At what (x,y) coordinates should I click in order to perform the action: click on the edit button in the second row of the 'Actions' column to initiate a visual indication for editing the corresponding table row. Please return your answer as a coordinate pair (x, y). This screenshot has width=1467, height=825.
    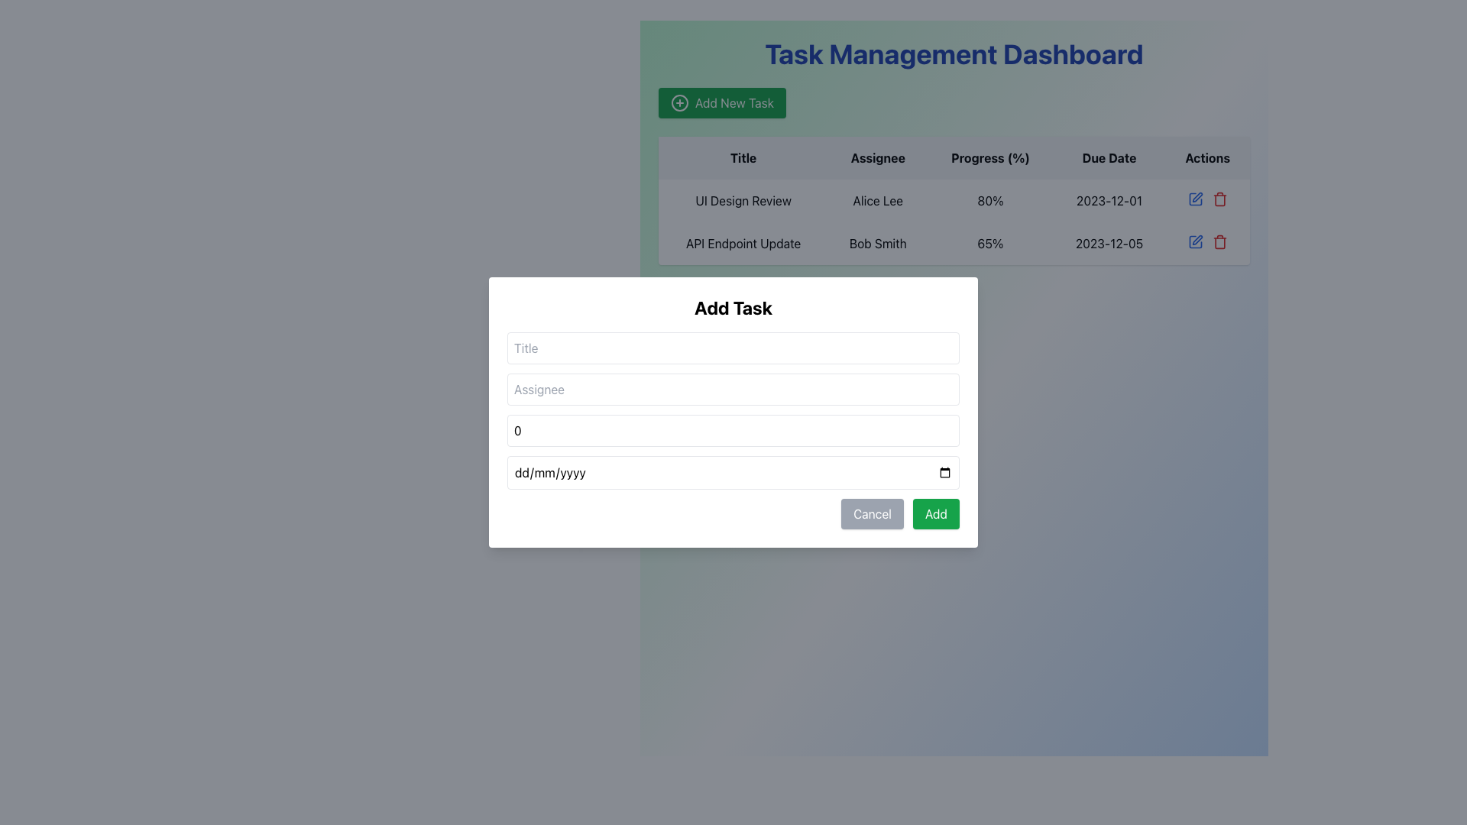
    Looking at the image, I should click on (1194, 241).